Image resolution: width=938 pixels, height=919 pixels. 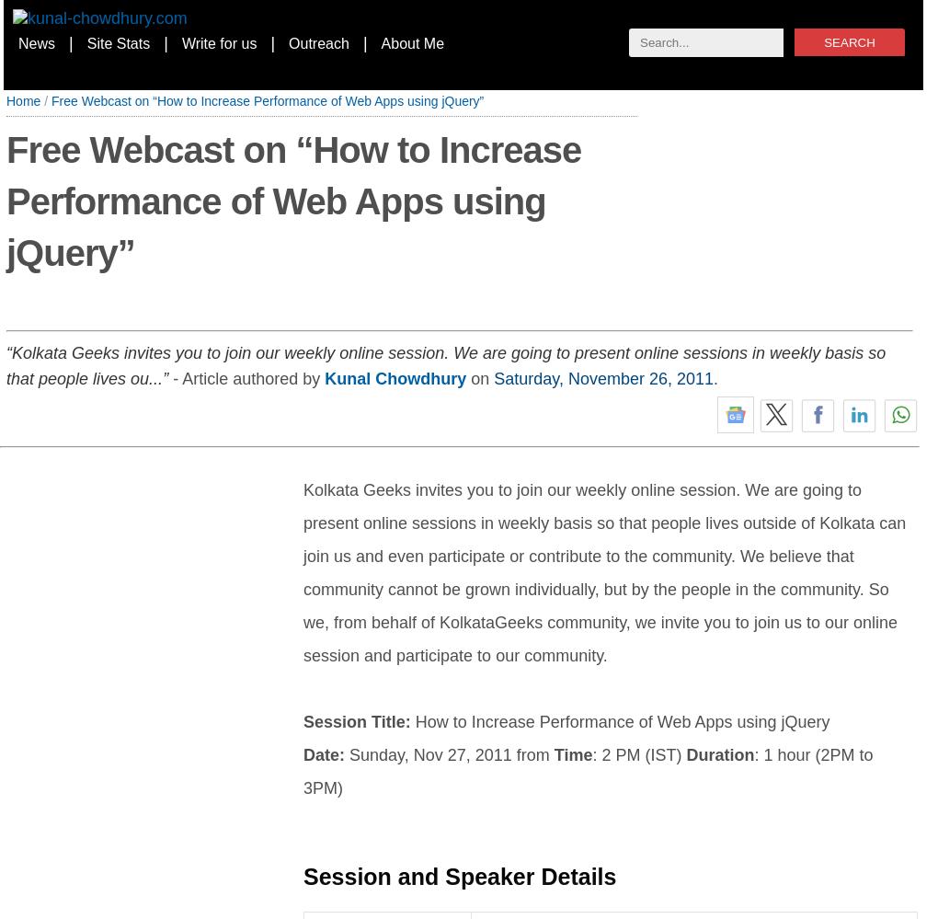 I want to click on 'Sunday, Nov 27, 2011 from', so click(x=449, y=754).